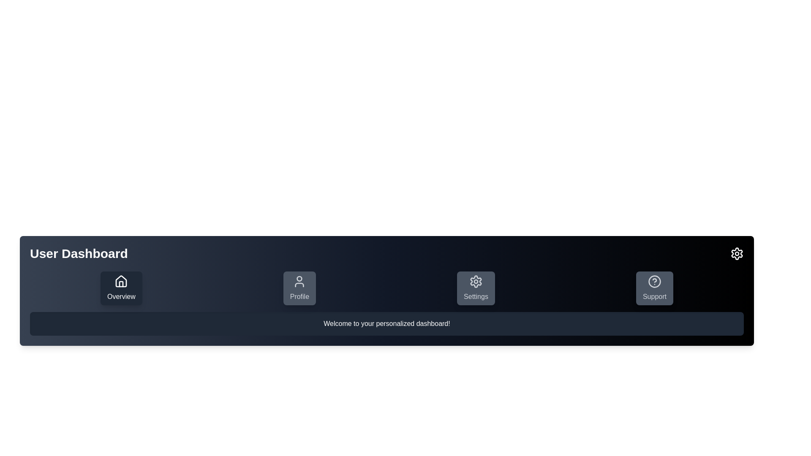 The width and height of the screenshot is (811, 456). What do you see at coordinates (79, 253) in the screenshot?
I see `the 'User Dashboard' label, which is a bold, large text element located in the top-left corner of the header section` at bounding box center [79, 253].